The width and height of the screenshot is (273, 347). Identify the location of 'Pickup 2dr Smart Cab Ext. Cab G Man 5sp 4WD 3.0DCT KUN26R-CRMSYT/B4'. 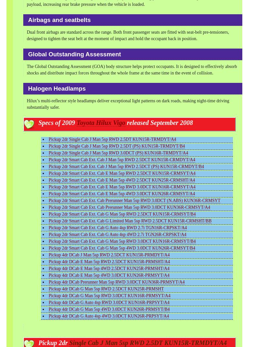
(121, 248).